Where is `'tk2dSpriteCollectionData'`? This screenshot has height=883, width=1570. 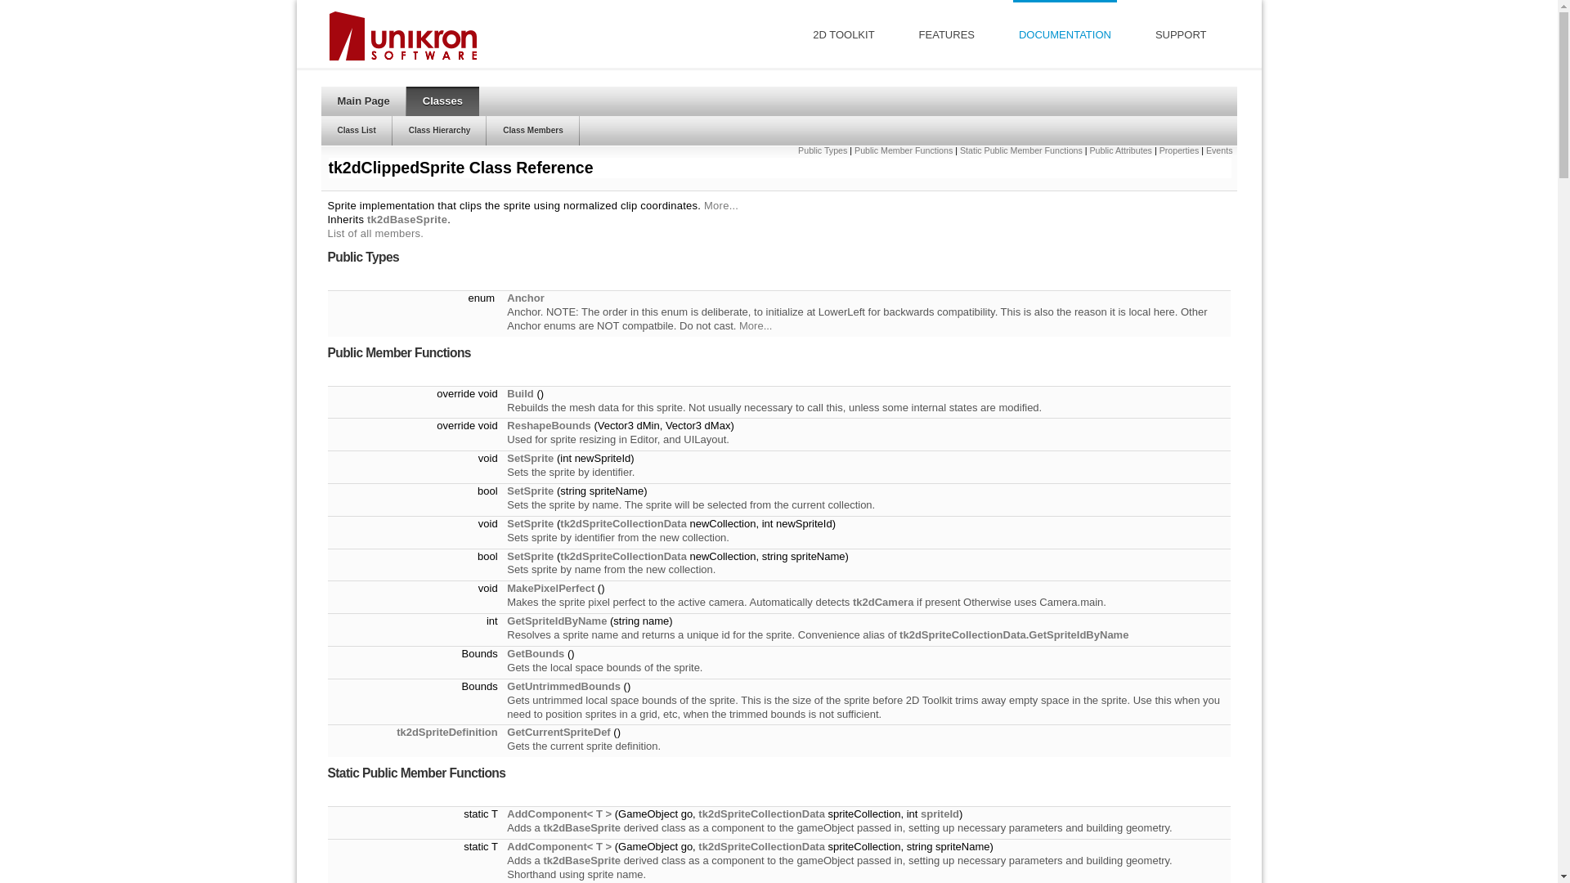 'tk2dSpriteCollectionData' is located at coordinates (760, 814).